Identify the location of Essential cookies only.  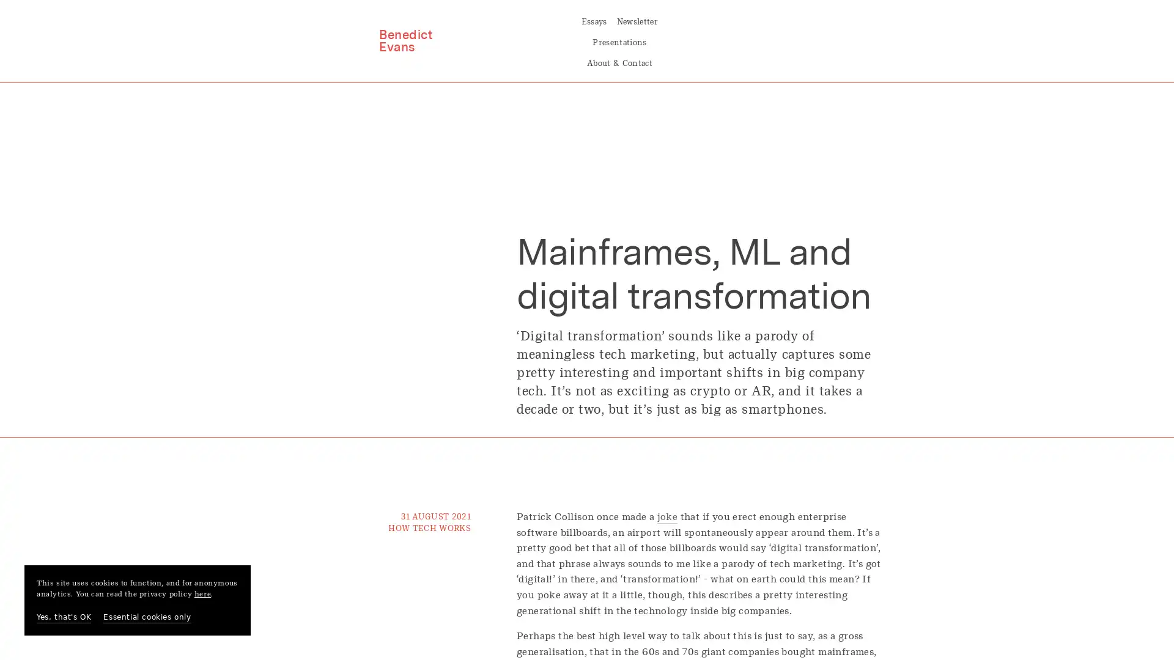
(147, 617).